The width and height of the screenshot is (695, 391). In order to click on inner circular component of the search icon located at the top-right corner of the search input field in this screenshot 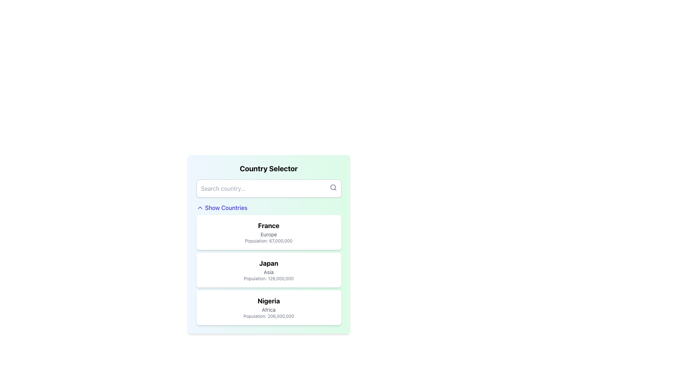, I will do `click(332, 187)`.